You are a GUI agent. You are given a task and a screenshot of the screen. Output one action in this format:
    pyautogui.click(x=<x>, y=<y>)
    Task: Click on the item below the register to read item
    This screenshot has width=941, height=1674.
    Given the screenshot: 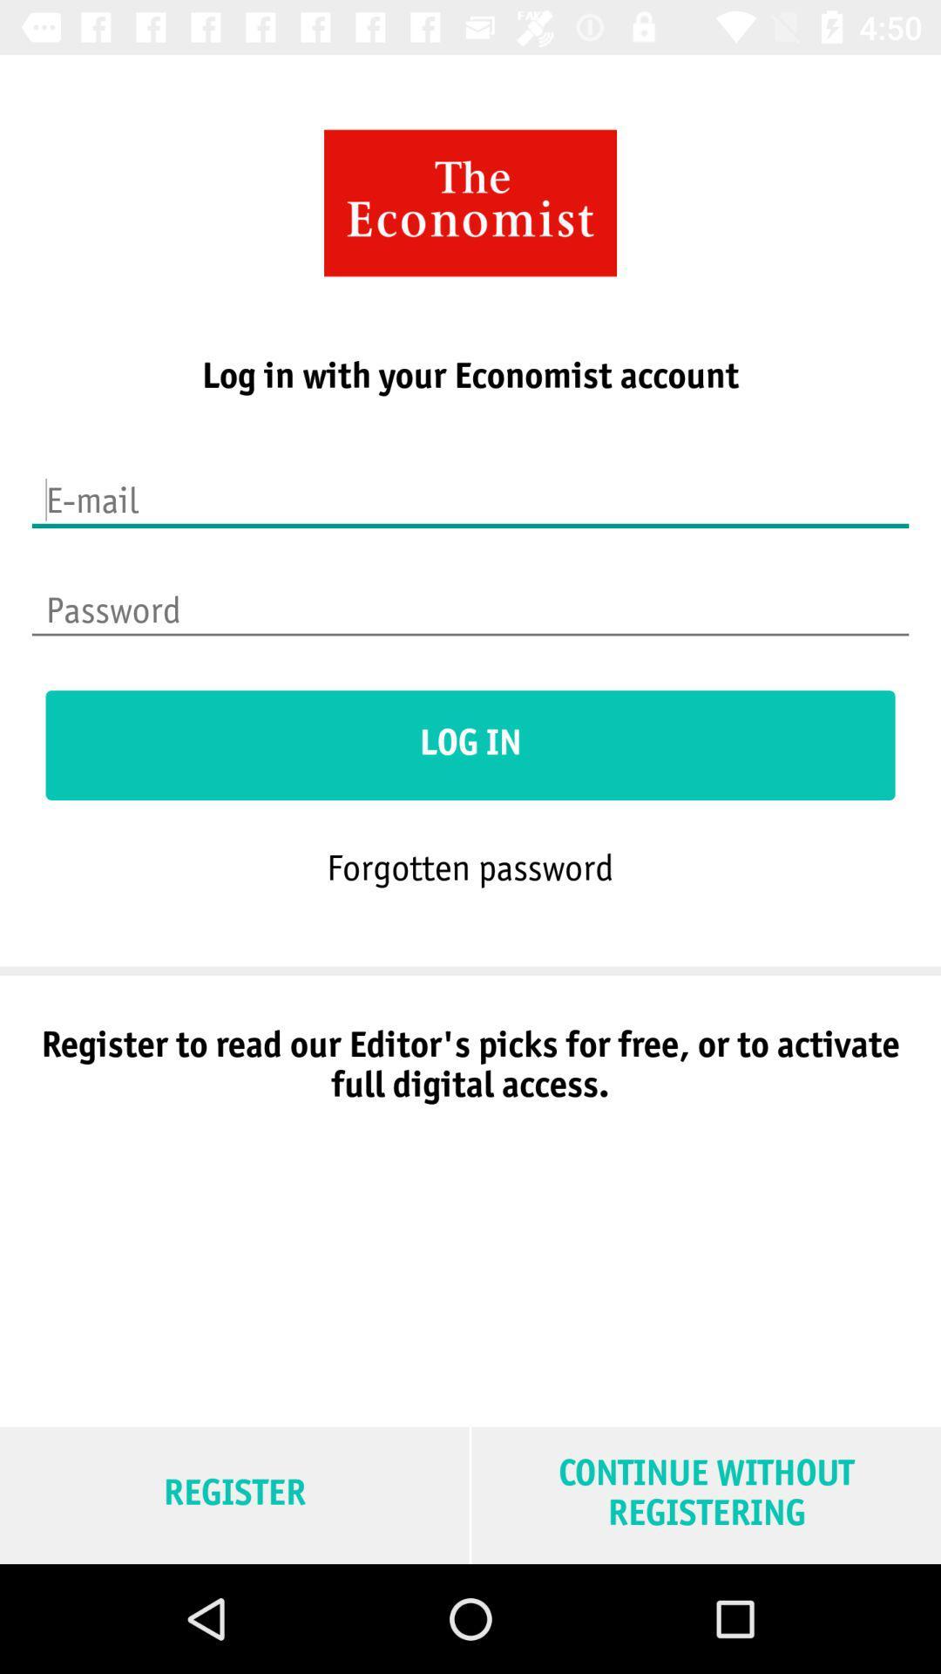 What is the action you would take?
    pyautogui.click(x=706, y=1494)
    